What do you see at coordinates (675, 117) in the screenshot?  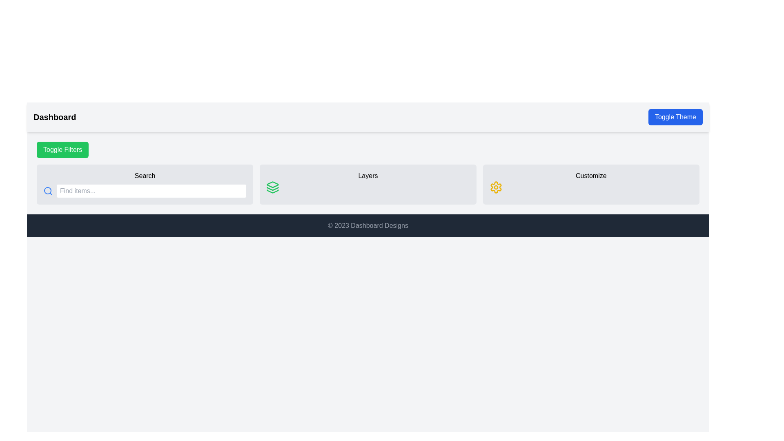 I see `the theme toggle button located at the far right of the header bar to change the color scheme or visual settings of the application` at bounding box center [675, 117].